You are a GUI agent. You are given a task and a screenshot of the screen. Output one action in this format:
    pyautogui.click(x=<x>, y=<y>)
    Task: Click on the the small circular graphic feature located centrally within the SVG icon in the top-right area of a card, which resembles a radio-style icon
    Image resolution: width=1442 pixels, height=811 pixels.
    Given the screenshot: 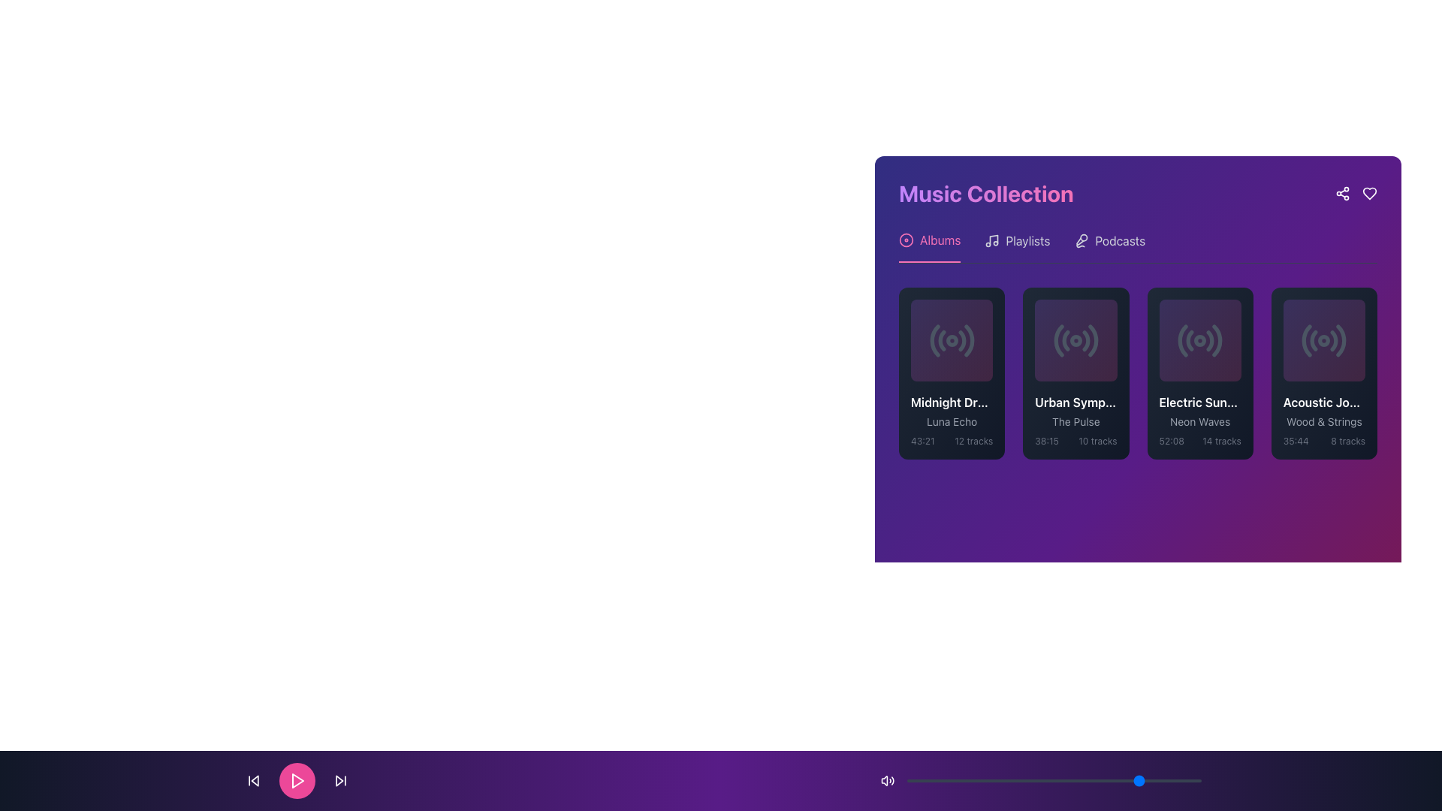 What is the action you would take?
    pyautogui.click(x=951, y=340)
    